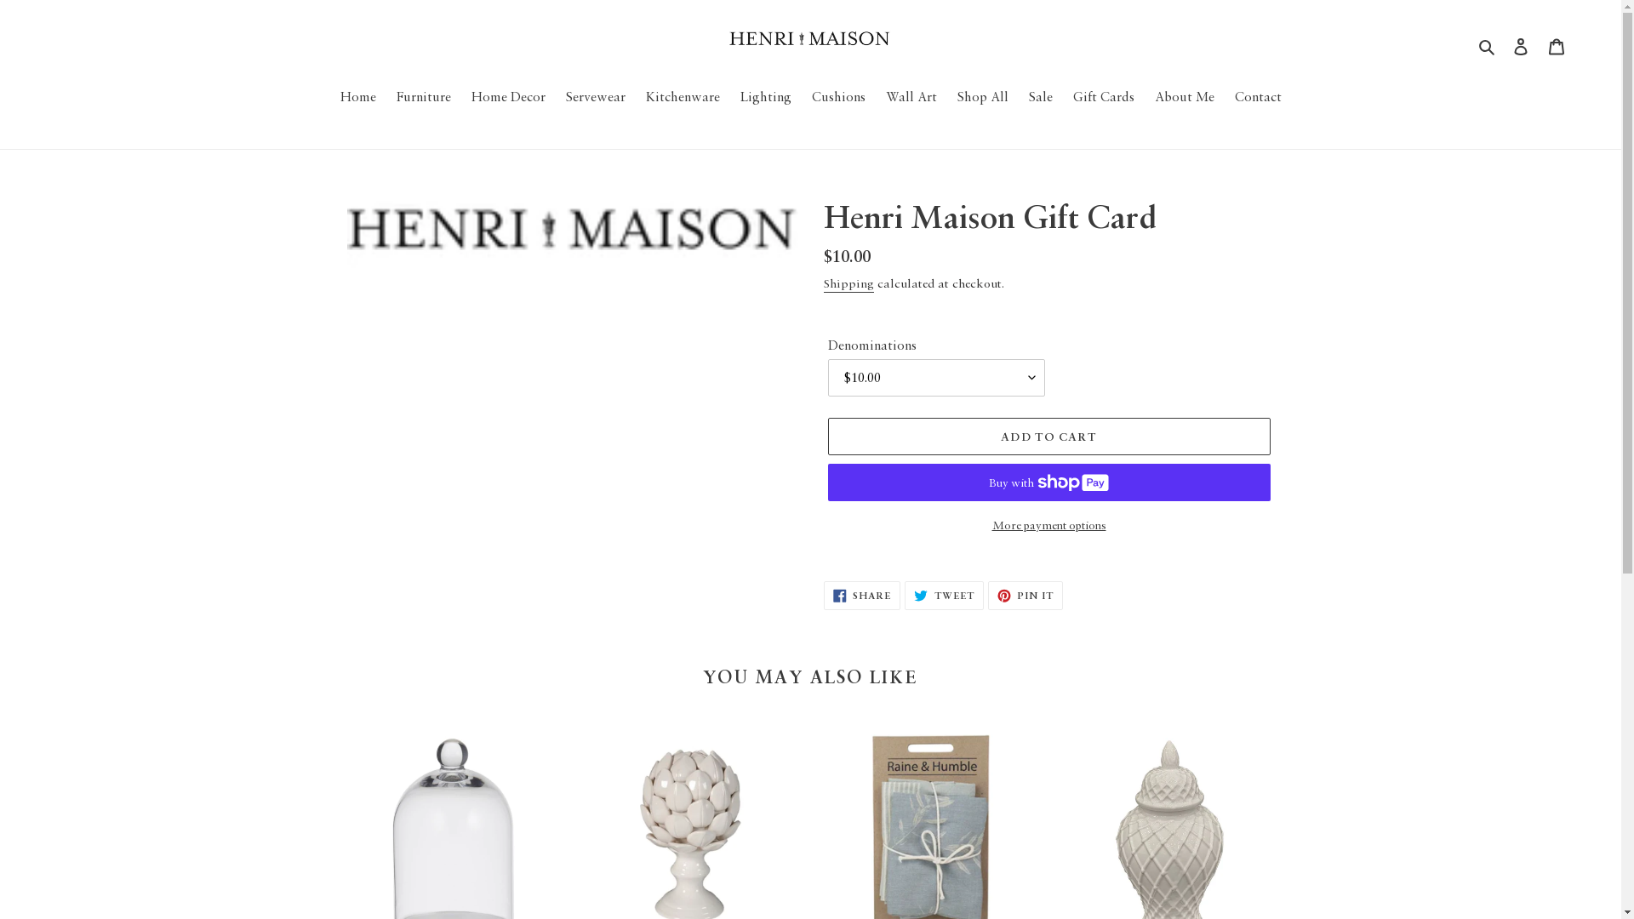 This screenshot has height=919, width=1634. I want to click on 'Kitchenware', so click(682, 97).